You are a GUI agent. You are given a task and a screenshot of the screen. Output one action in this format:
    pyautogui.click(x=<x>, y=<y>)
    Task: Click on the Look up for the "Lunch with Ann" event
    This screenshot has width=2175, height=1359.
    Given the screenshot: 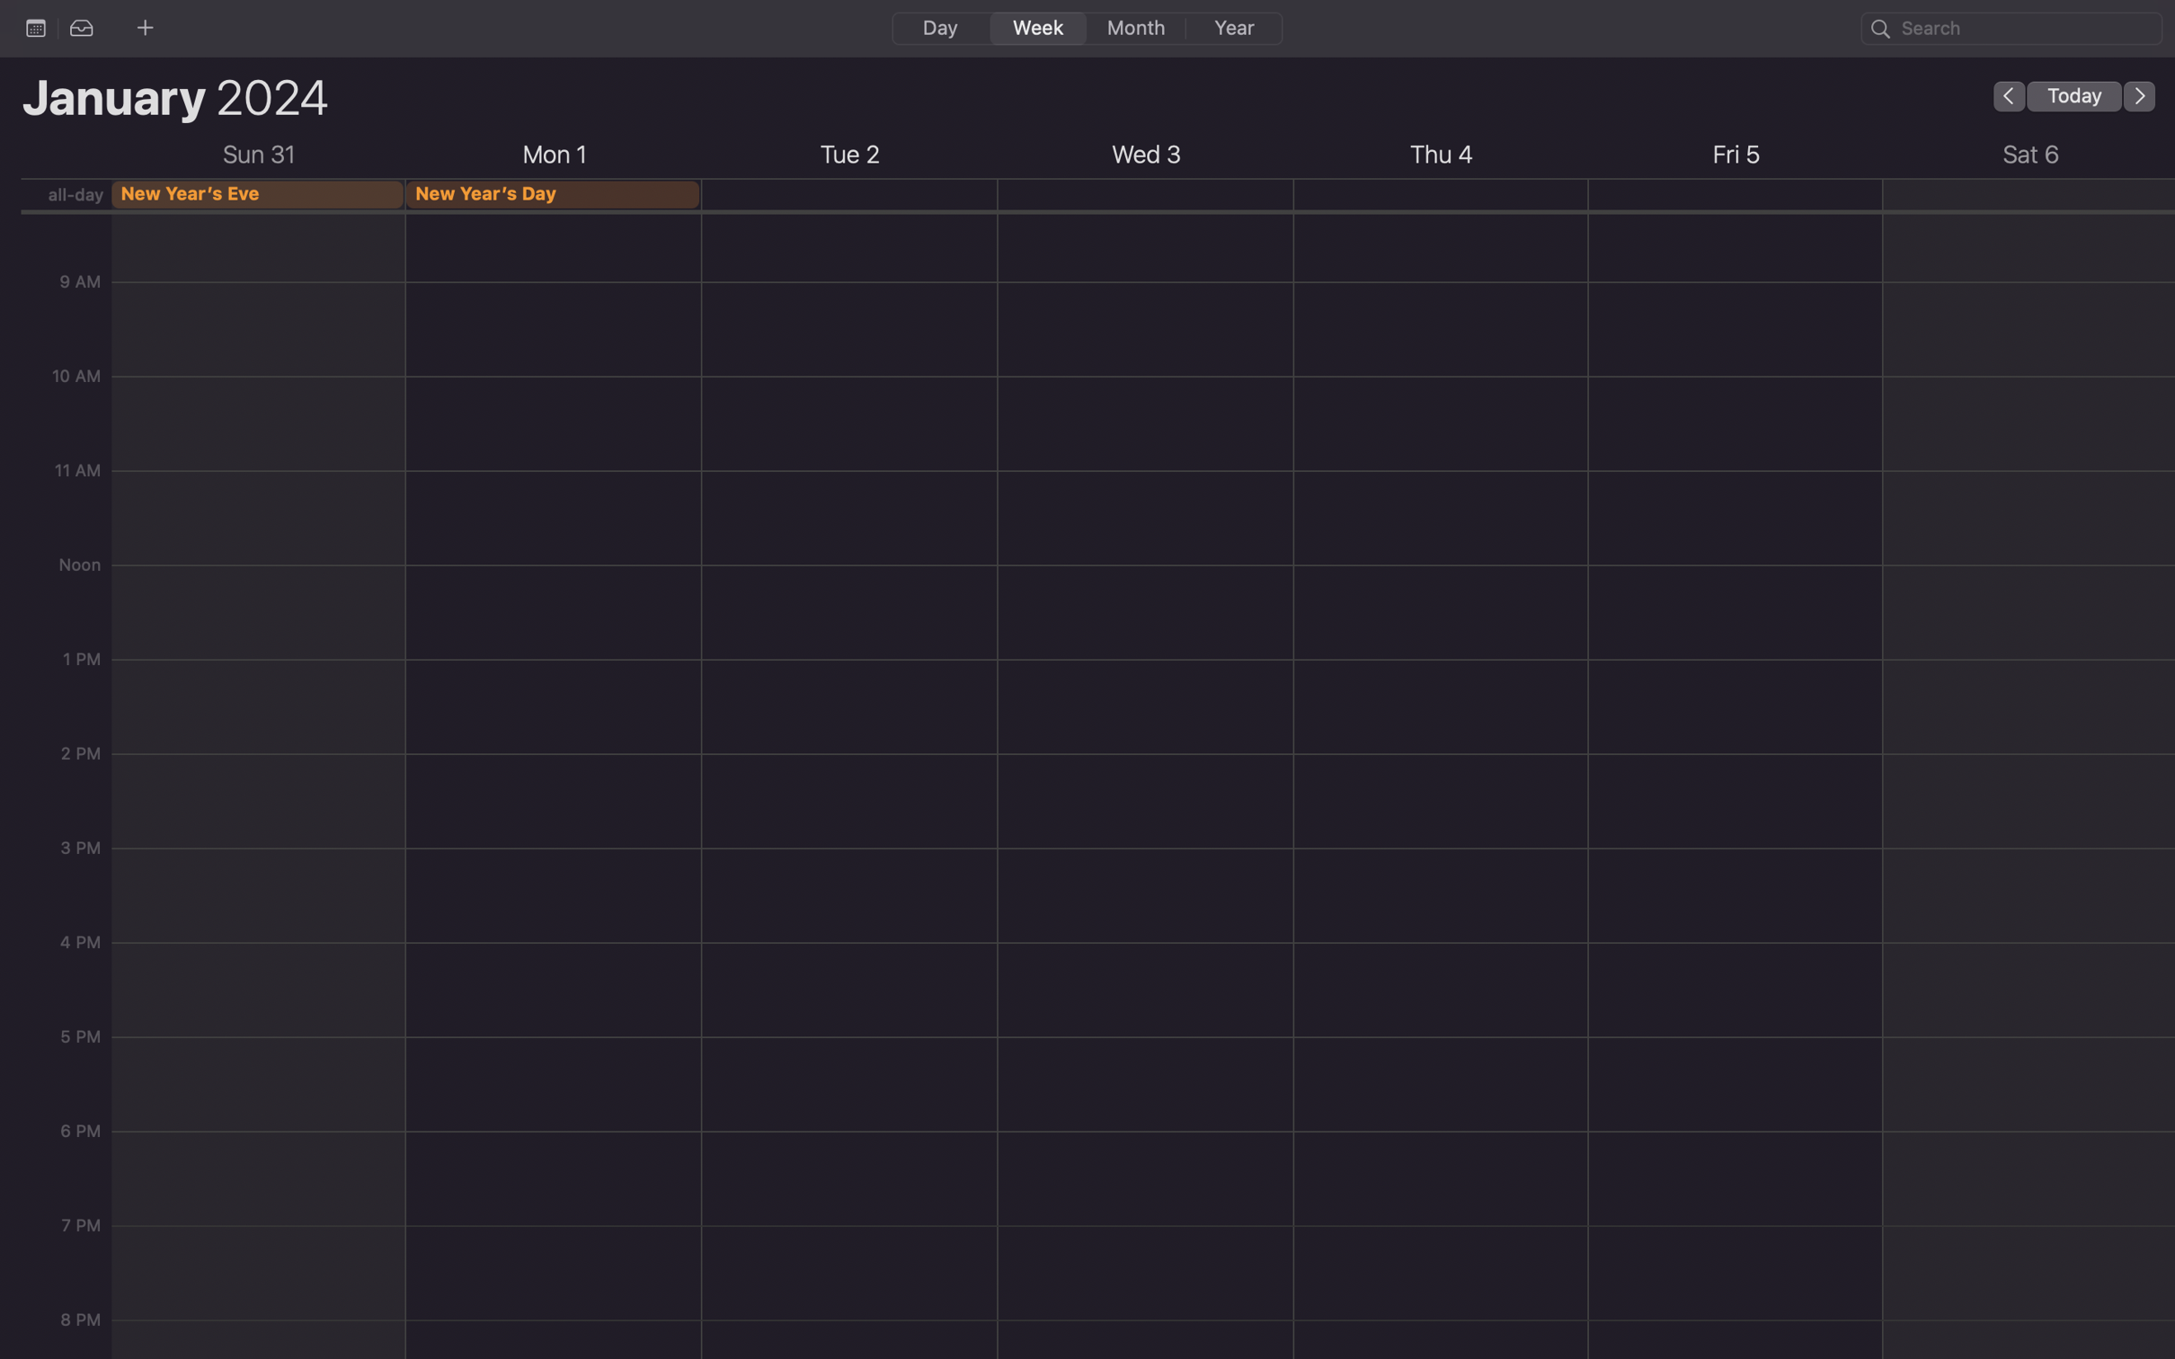 What is the action you would take?
    pyautogui.click(x=2011, y=27)
    